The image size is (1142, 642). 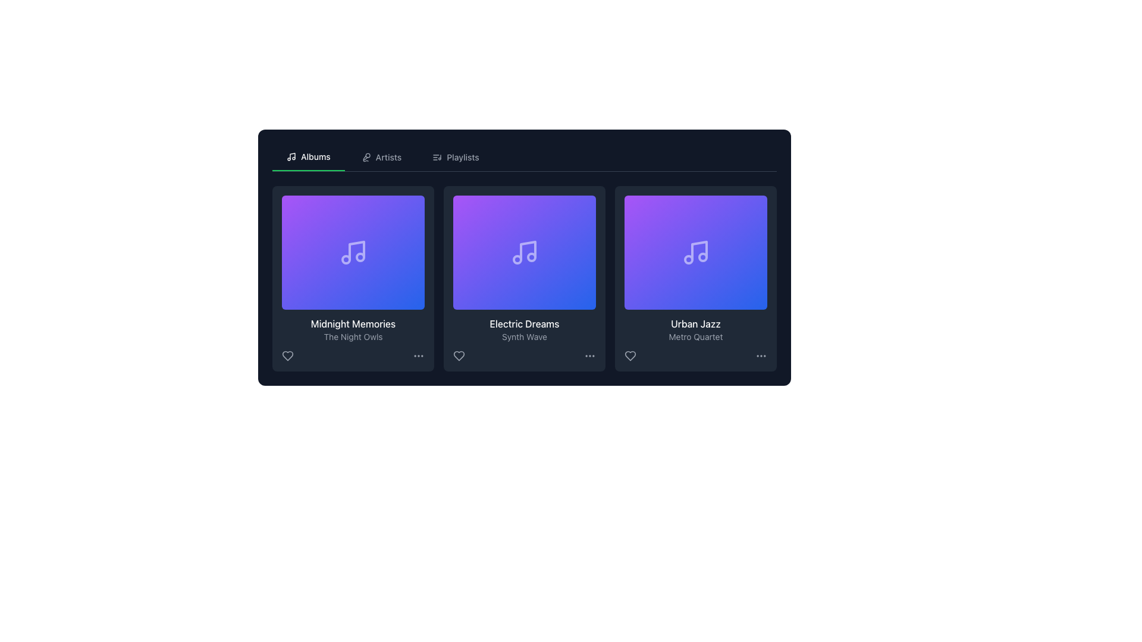 I want to click on the play button represented by the SVG graphical element located at the center of the green circular button in the bottom-right corner of the 'Electric Dreams' card, so click(x=579, y=293).